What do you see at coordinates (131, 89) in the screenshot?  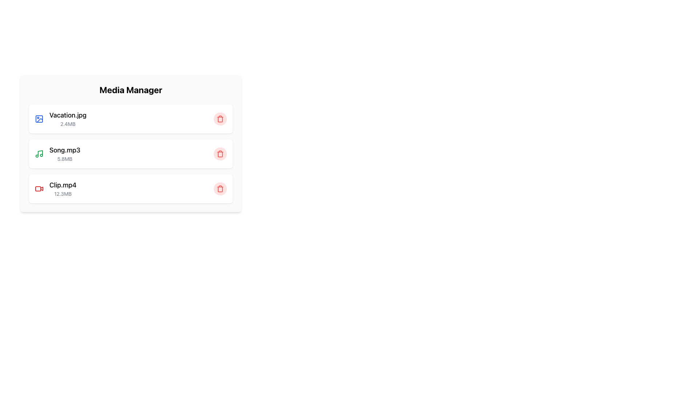 I see `bold and large header text 'Media Manager' located at the top-center of the media file information card` at bounding box center [131, 89].